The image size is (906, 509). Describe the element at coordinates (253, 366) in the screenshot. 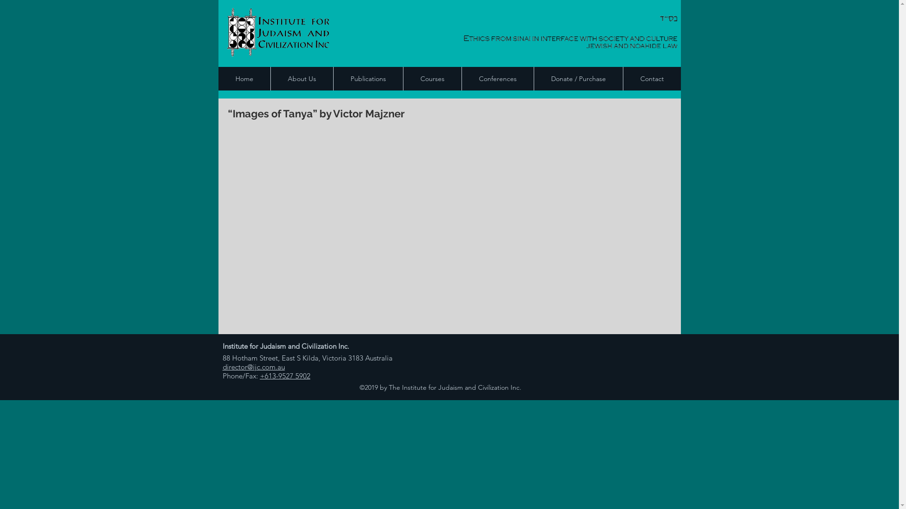

I see `'director@ijc.com.au'` at that location.